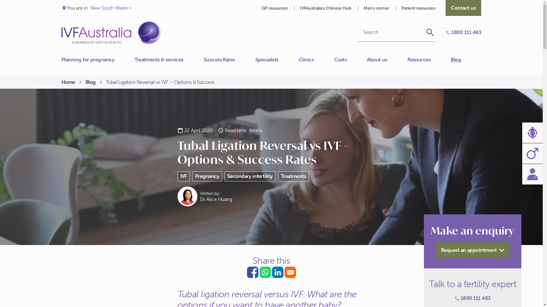 This screenshot has height=307, width=547. I want to click on 'Contact us', so click(62, 63).